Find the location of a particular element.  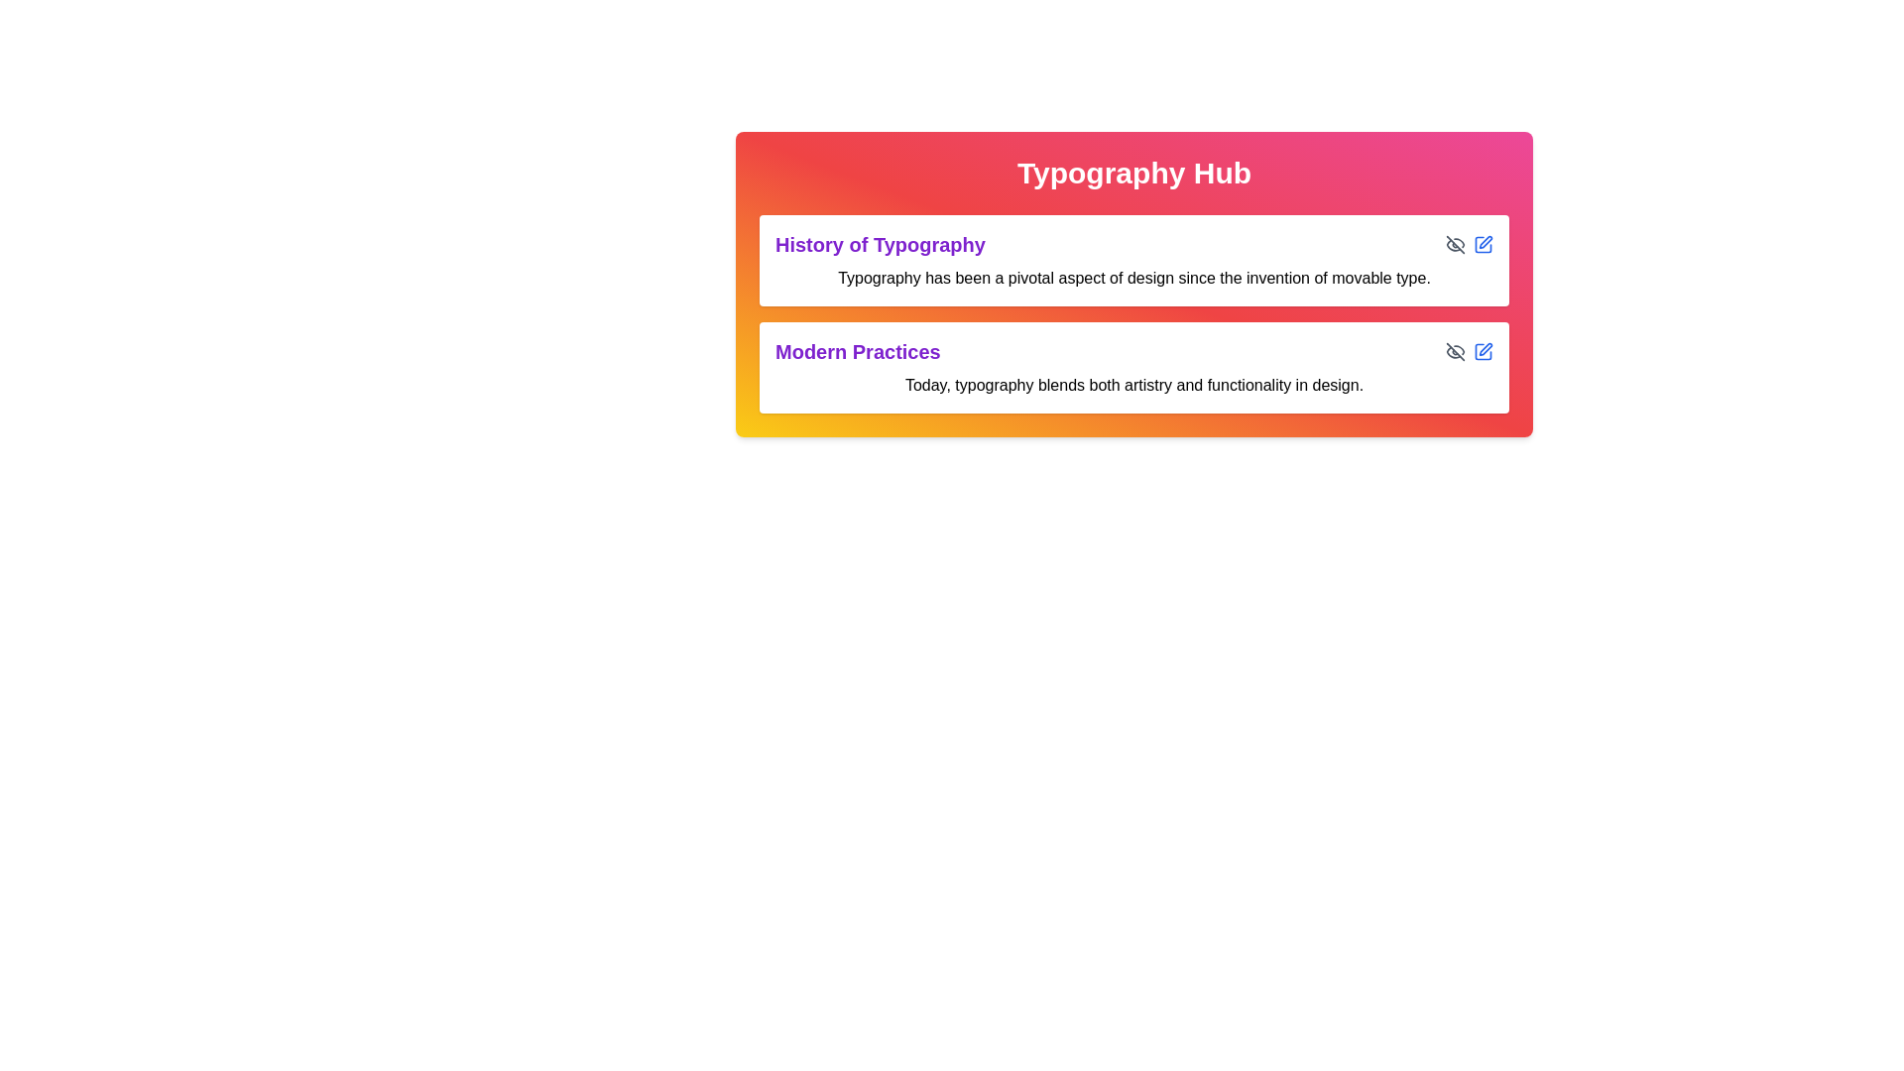

the leftmost icon button on the right side of the section is located at coordinates (1456, 350).